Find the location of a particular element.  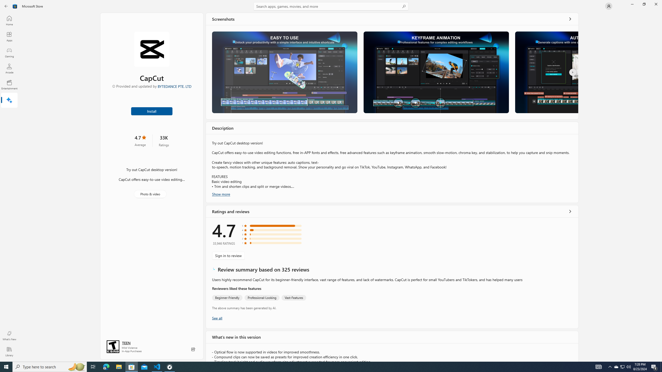

'Photo & video' is located at coordinates (149, 194).